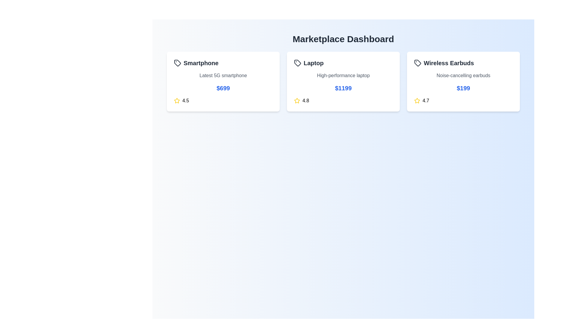 This screenshot has height=323, width=575. What do you see at coordinates (297, 100) in the screenshot?
I see `the rating icon indicating the quality of the 'Laptop' in the second column of the dashboard grid layout` at bounding box center [297, 100].